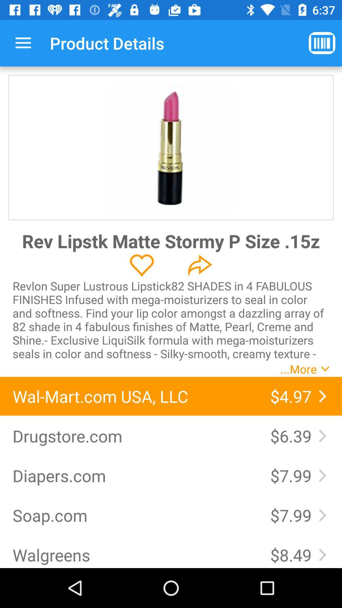 The image size is (342, 608). Describe the element at coordinates (135, 435) in the screenshot. I see `the item above the diapers.com icon` at that location.